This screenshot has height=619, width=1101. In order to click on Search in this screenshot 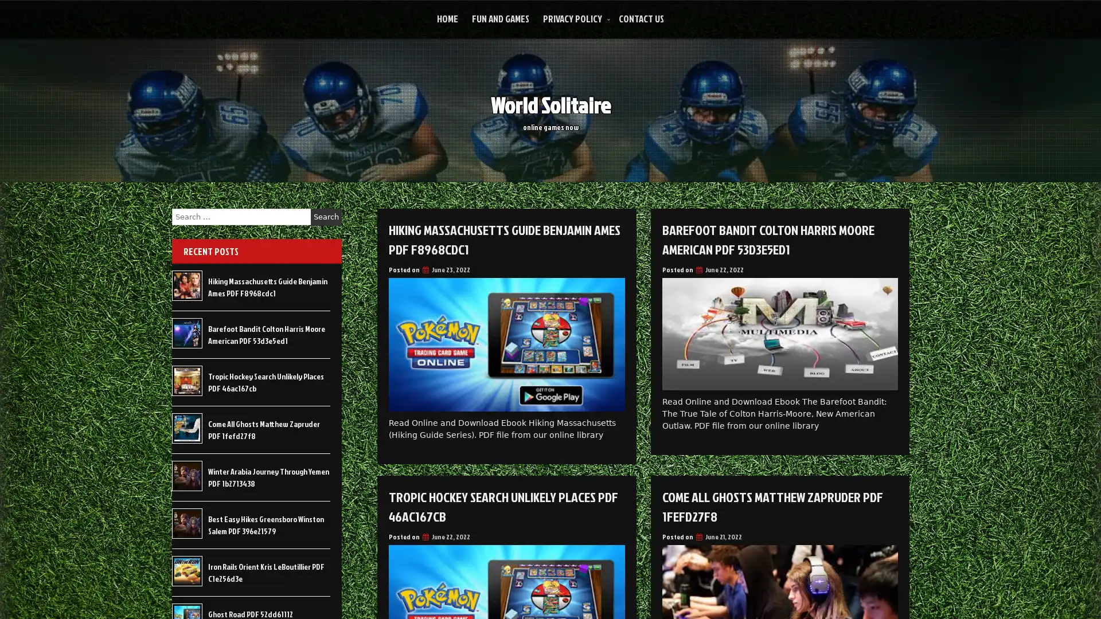, I will do `click(326, 217)`.